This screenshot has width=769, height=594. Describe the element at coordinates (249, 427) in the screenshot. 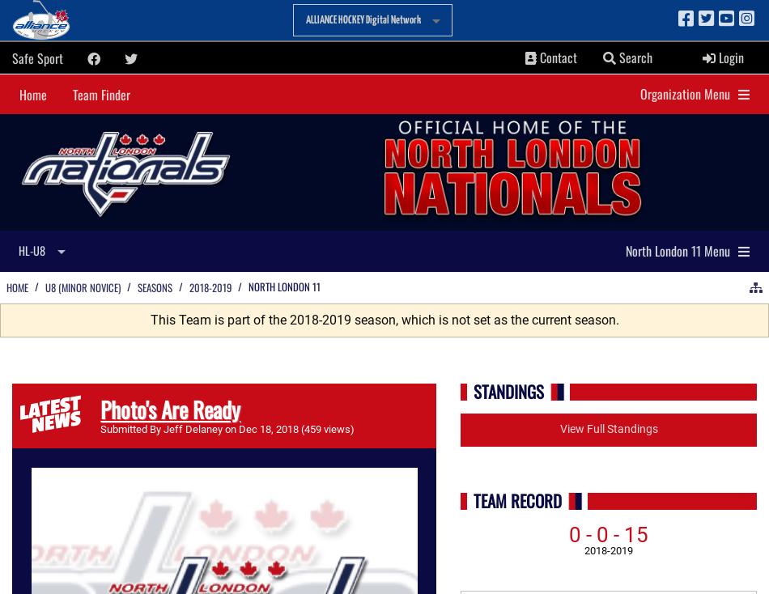

I see `'By Jeff Delaney on Feb 12, 2019 (794 views)'` at that location.